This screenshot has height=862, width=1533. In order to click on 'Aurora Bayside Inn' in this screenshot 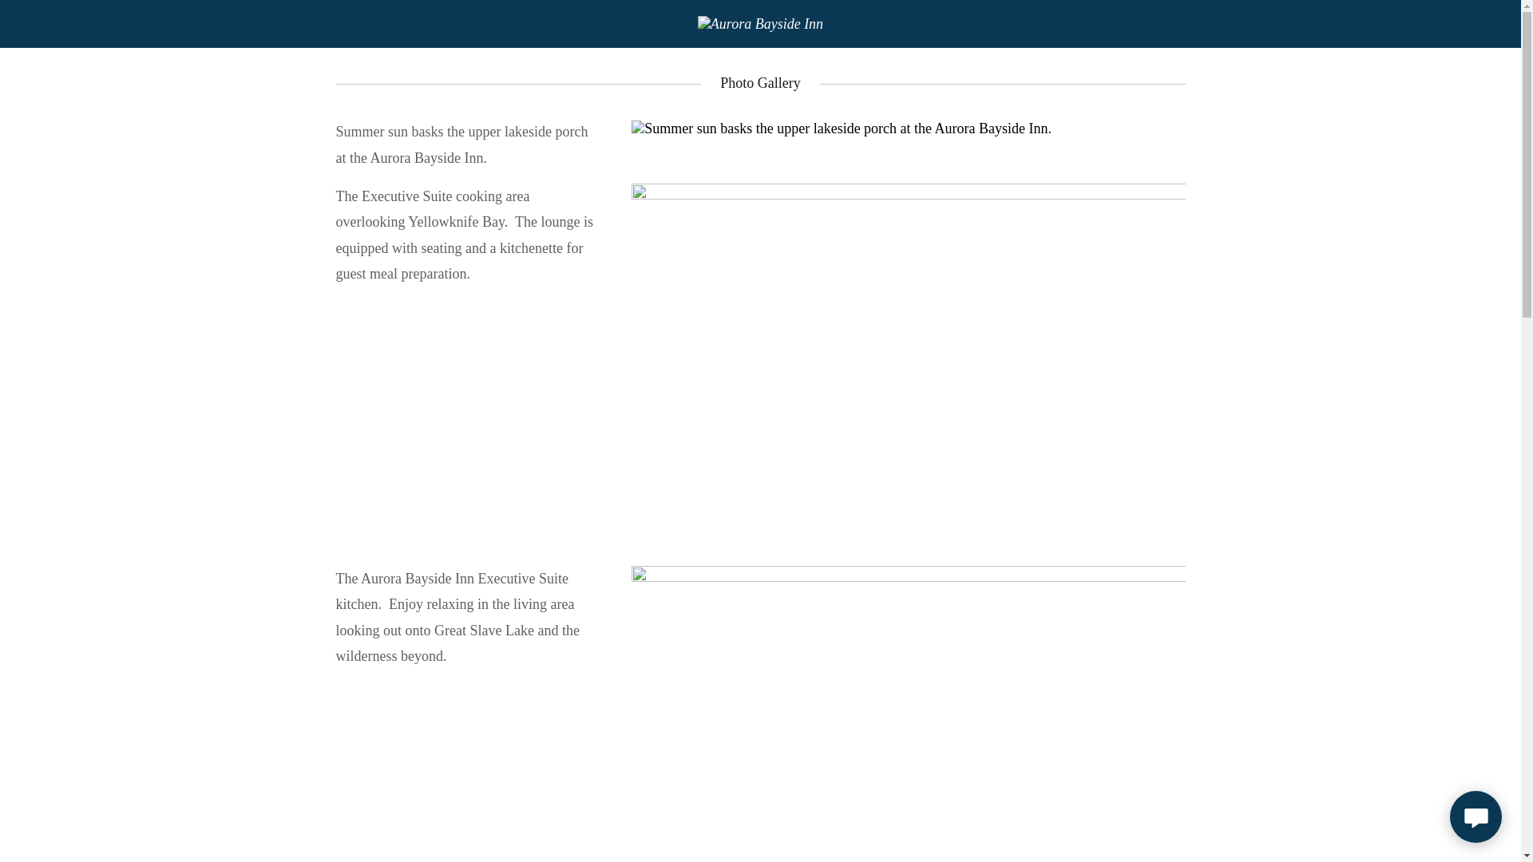, I will do `click(759, 23)`.